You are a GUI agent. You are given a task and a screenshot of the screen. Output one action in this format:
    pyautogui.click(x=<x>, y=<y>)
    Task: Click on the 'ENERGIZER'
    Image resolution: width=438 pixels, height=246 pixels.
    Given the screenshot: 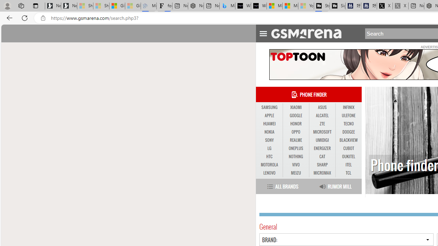 What is the action you would take?
    pyautogui.click(x=322, y=148)
    